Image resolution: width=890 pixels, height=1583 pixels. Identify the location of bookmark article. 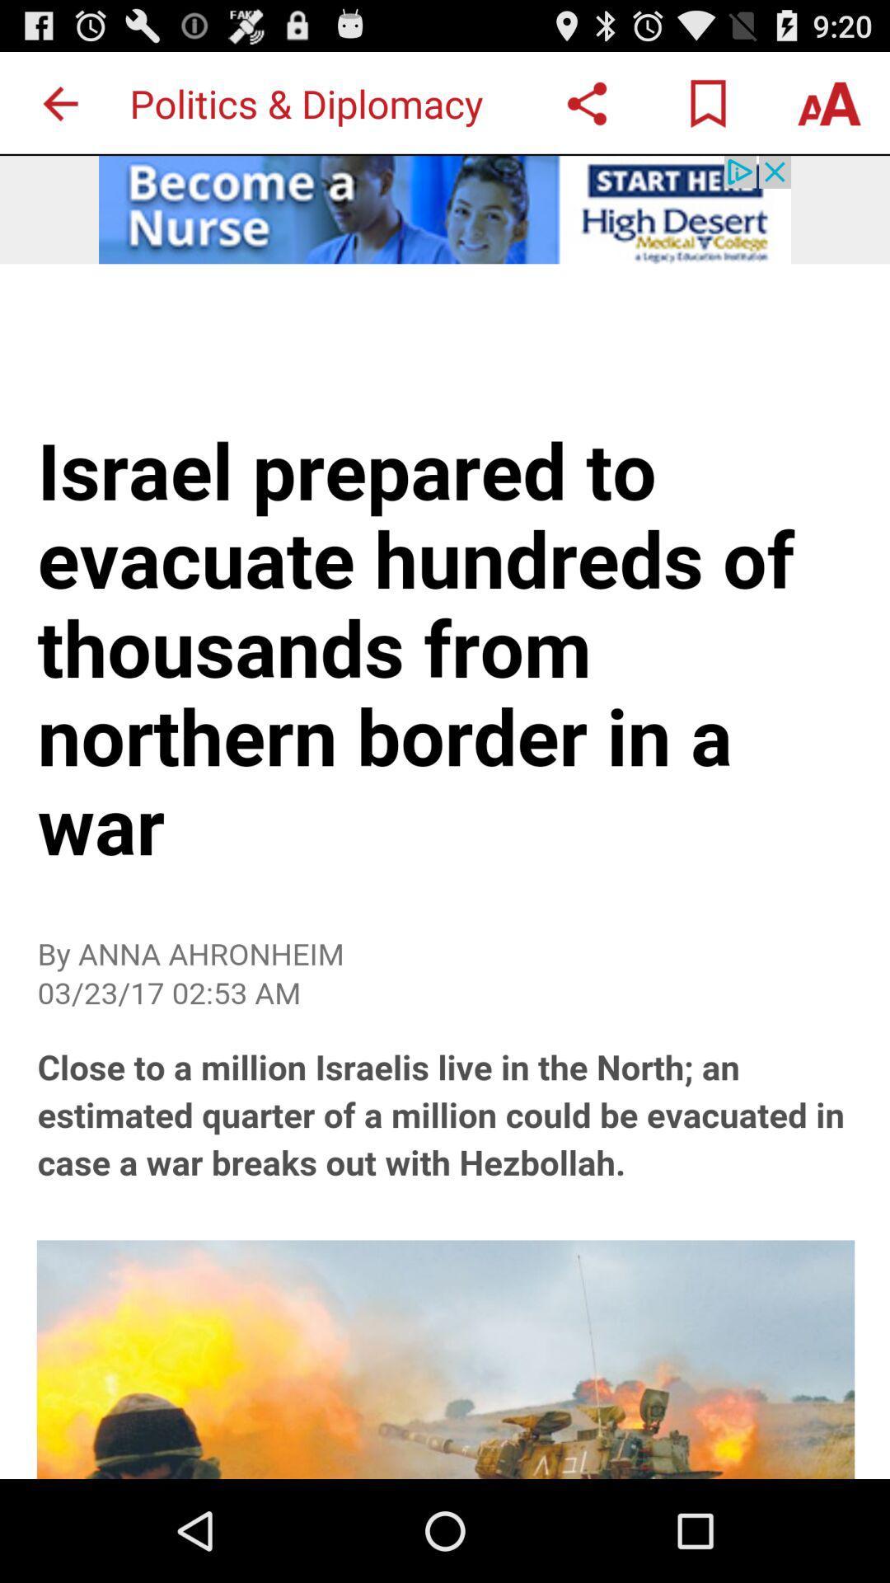
(707, 102).